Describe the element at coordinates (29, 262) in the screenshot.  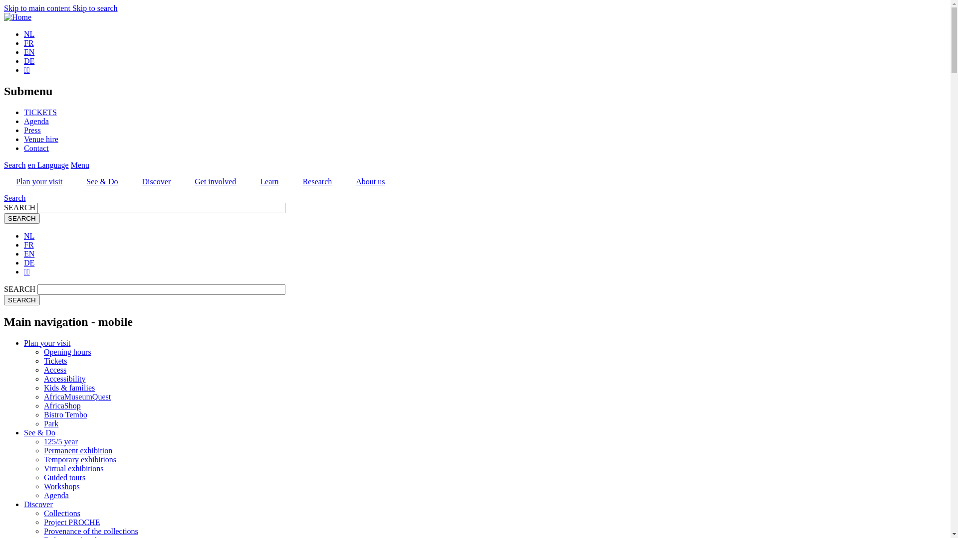
I see `'DE'` at that location.